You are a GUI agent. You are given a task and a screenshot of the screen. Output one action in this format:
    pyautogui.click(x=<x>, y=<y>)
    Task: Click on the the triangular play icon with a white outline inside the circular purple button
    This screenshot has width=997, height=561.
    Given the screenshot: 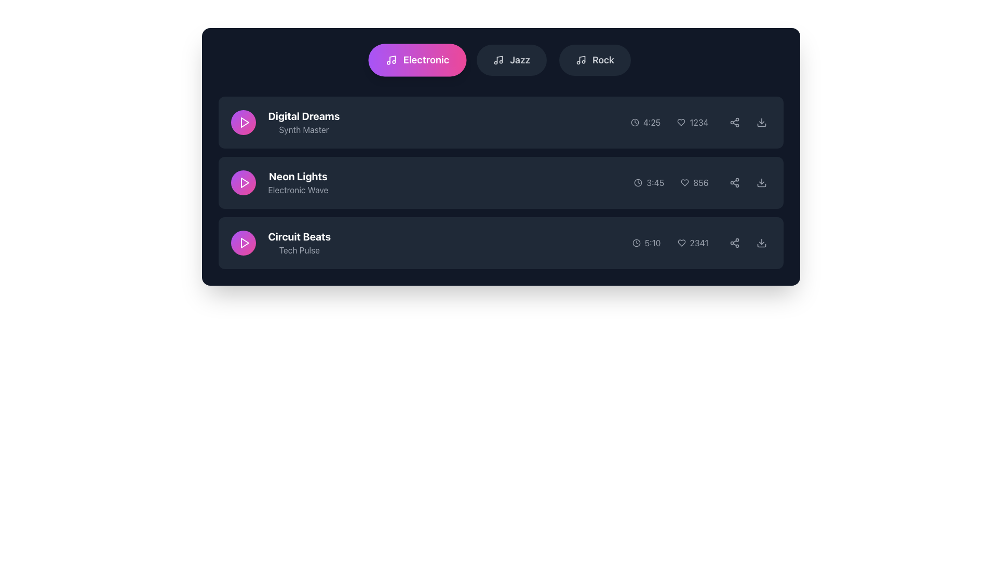 What is the action you would take?
    pyautogui.click(x=244, y=182)
    